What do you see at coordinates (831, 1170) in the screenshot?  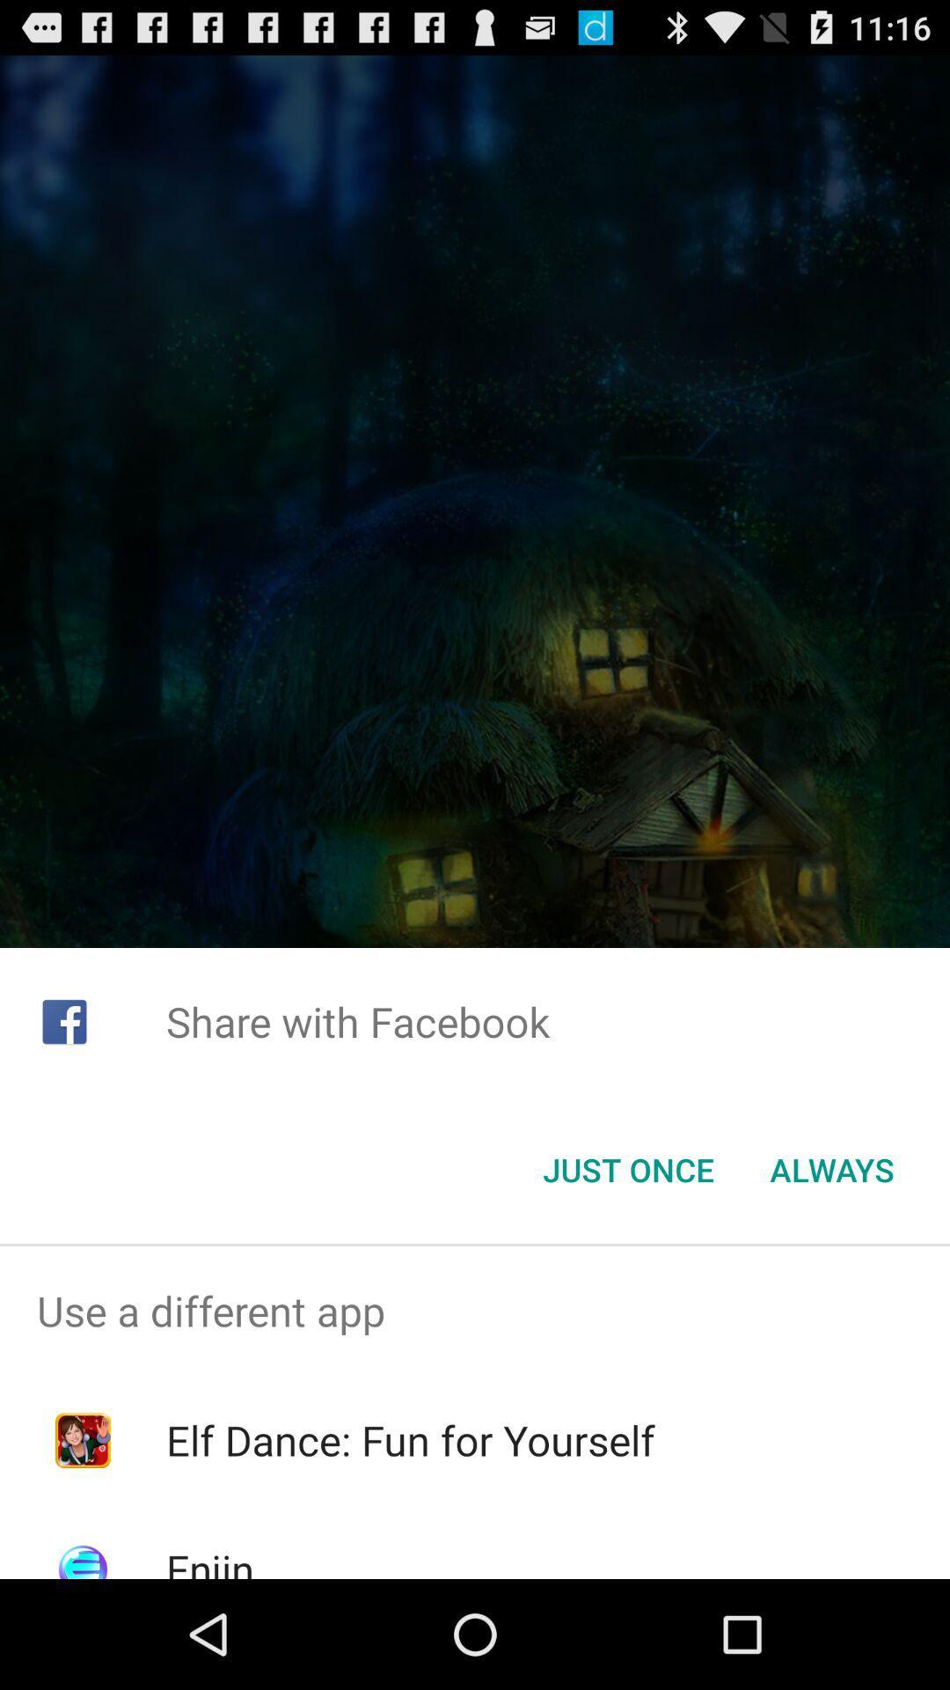 I see `app below share with facebook` at bounding box center [831, 1170].